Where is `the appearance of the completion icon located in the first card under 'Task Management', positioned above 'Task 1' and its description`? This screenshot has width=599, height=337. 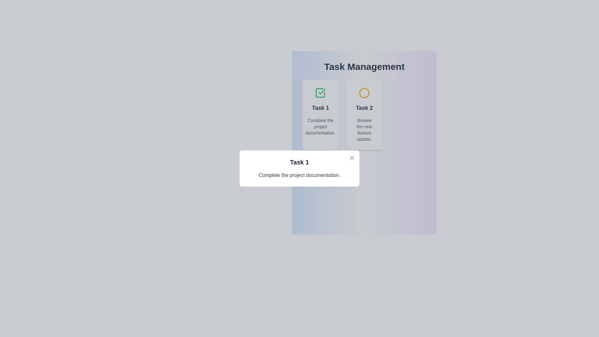 the appearance of the completion icon located in the first card under 'Task Management', positioned above 'Task 1' and its description is located at coordinates (320, 93).